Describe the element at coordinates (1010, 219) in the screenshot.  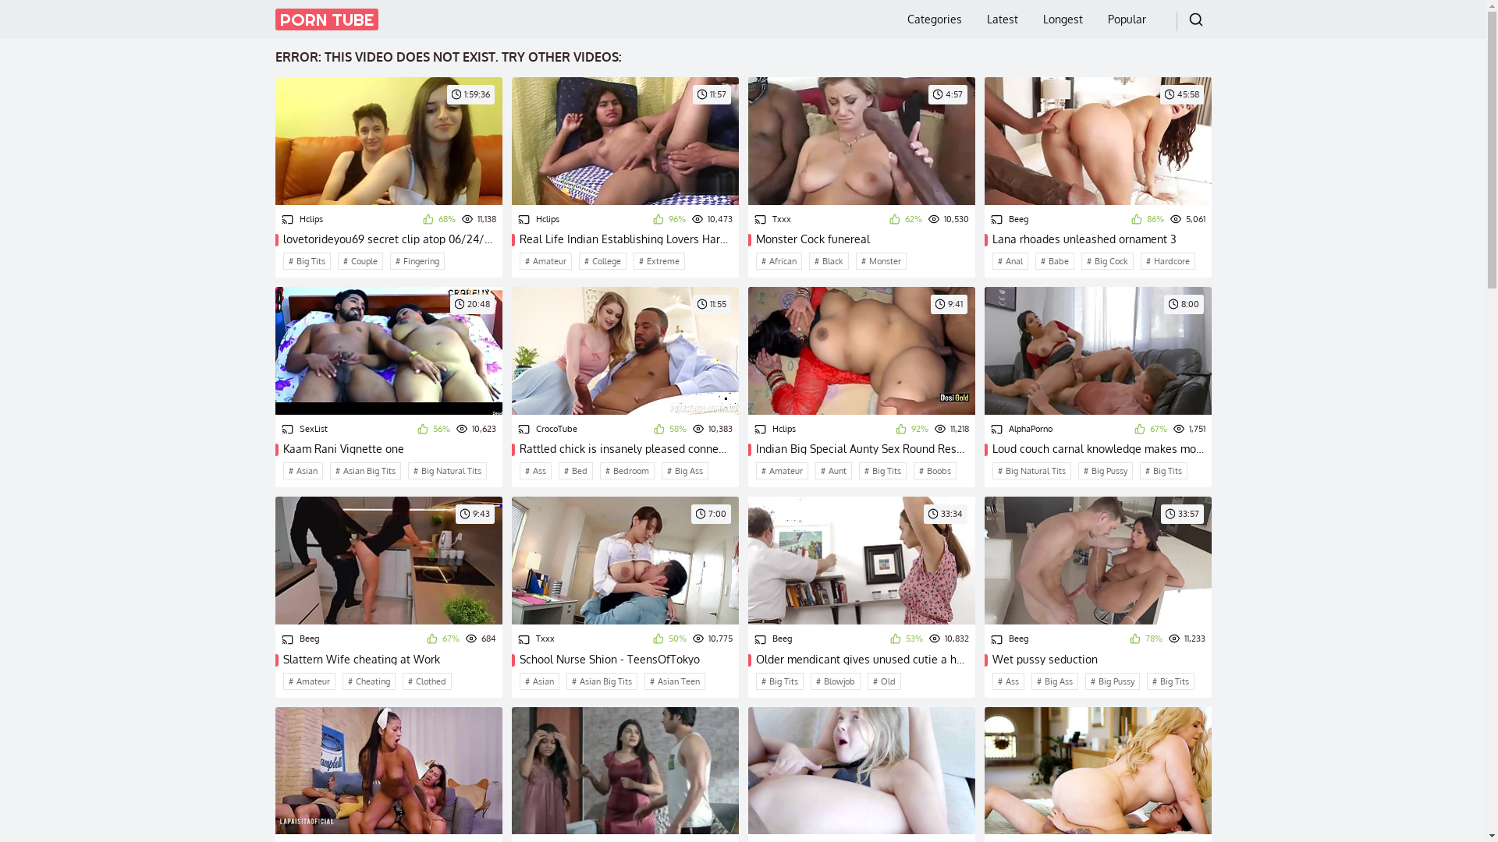
I see `'Beeg'` at that location.